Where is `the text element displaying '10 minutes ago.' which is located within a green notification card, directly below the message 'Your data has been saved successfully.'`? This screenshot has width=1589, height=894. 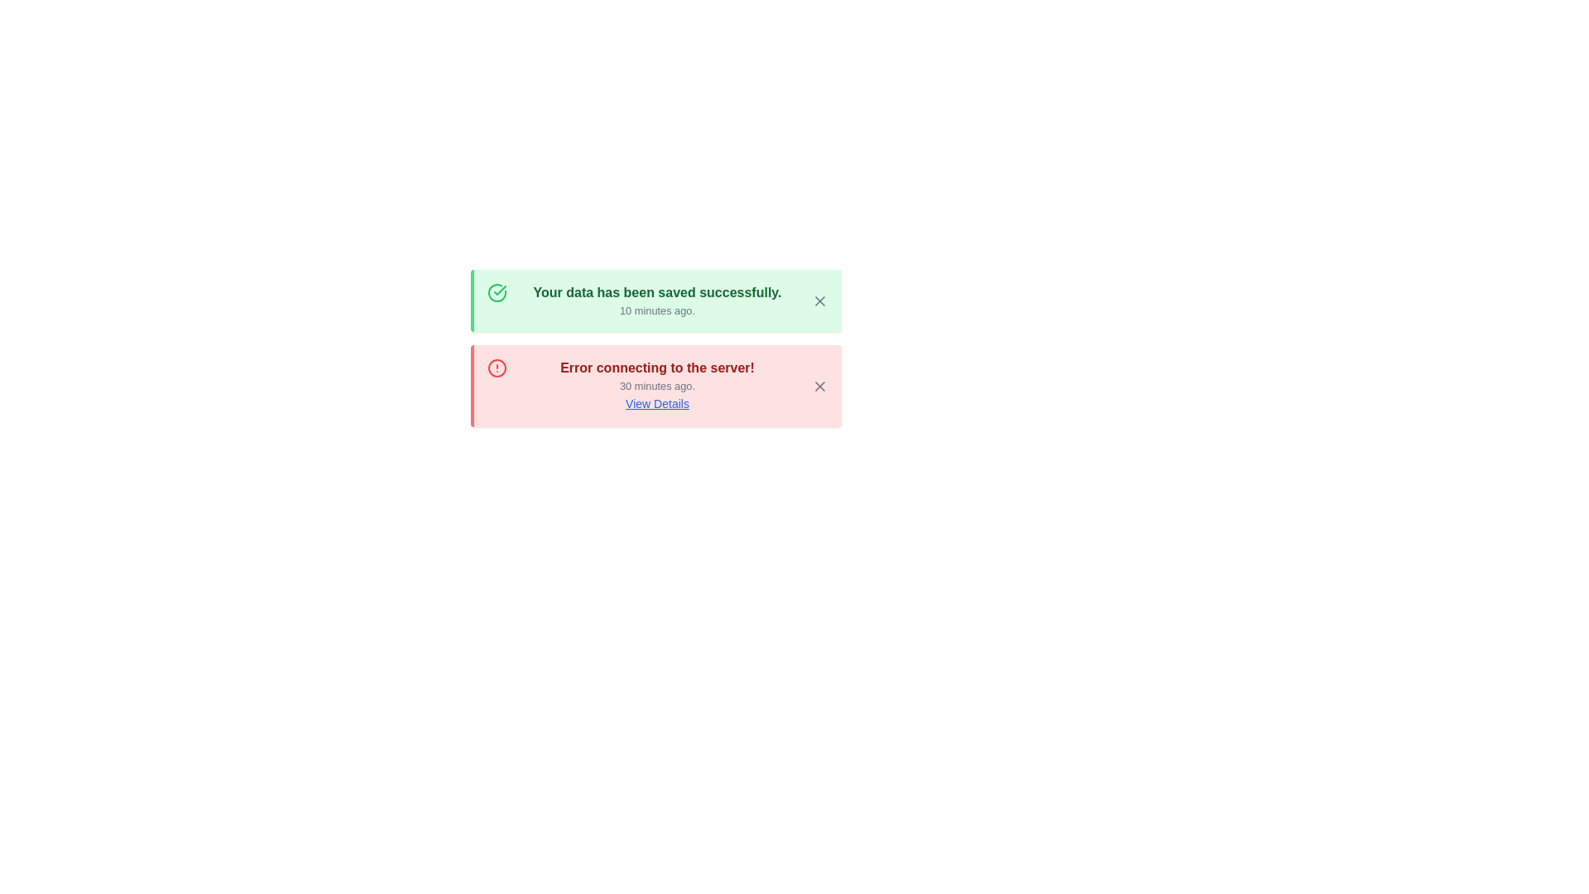
the text element displaying '10 minutes ago.' which is located within a green notification card, directly below the message 'Your data has been saved successfully.' is located at coordinates (656, 310).